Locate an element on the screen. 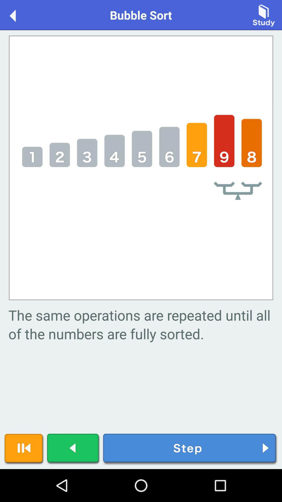  pause operation is located at coordinates (24, 449).